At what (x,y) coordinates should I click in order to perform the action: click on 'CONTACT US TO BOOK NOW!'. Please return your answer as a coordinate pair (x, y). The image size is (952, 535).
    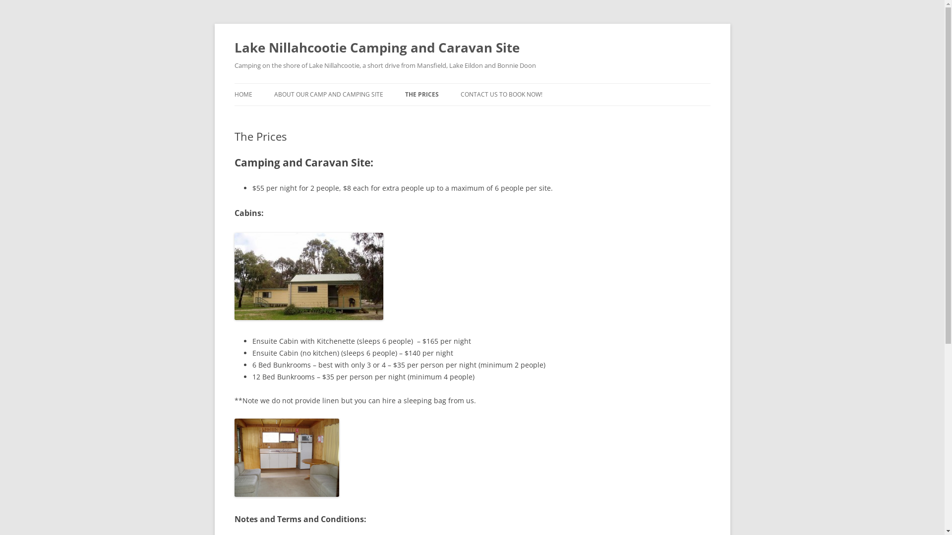
    Looking at the image, I should click on (501, 95).